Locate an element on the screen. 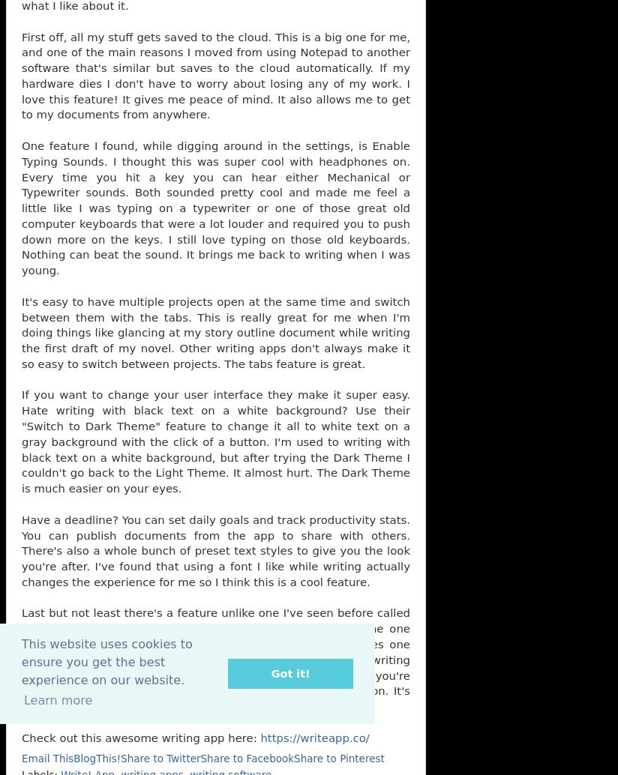 This screenshot has width=618, height=775. 'Have a deadline? You can set daily goals and track productivity stats. You can publish documents from the app to share with others. There's also a whole bunch of preset text styles to give you the look you're after. I've found that using a font I like while writing actually changes the experience for me so I think this is a cool feature.' is located at coordinates (214, 550).